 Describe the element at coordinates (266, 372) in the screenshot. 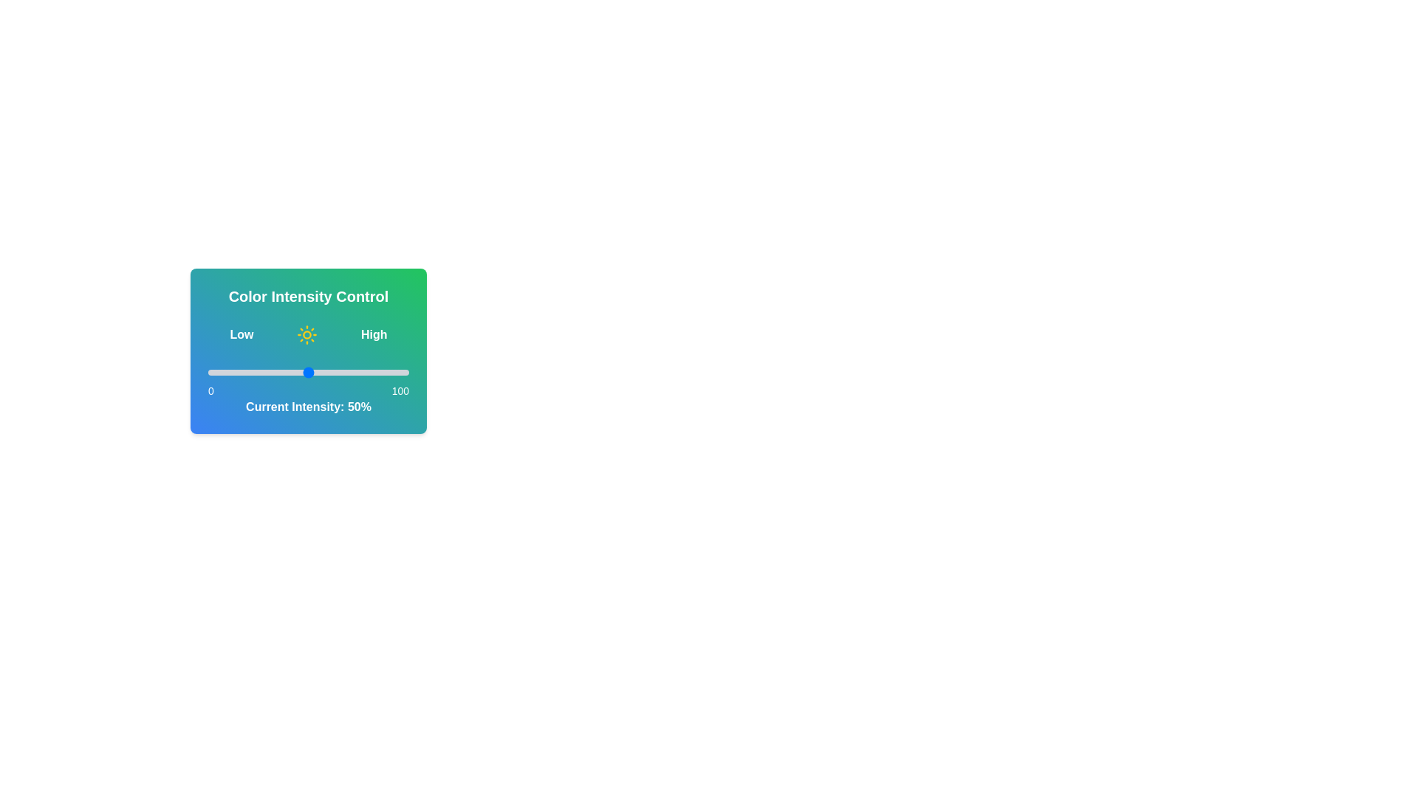

I see `the color intensity` at that location.